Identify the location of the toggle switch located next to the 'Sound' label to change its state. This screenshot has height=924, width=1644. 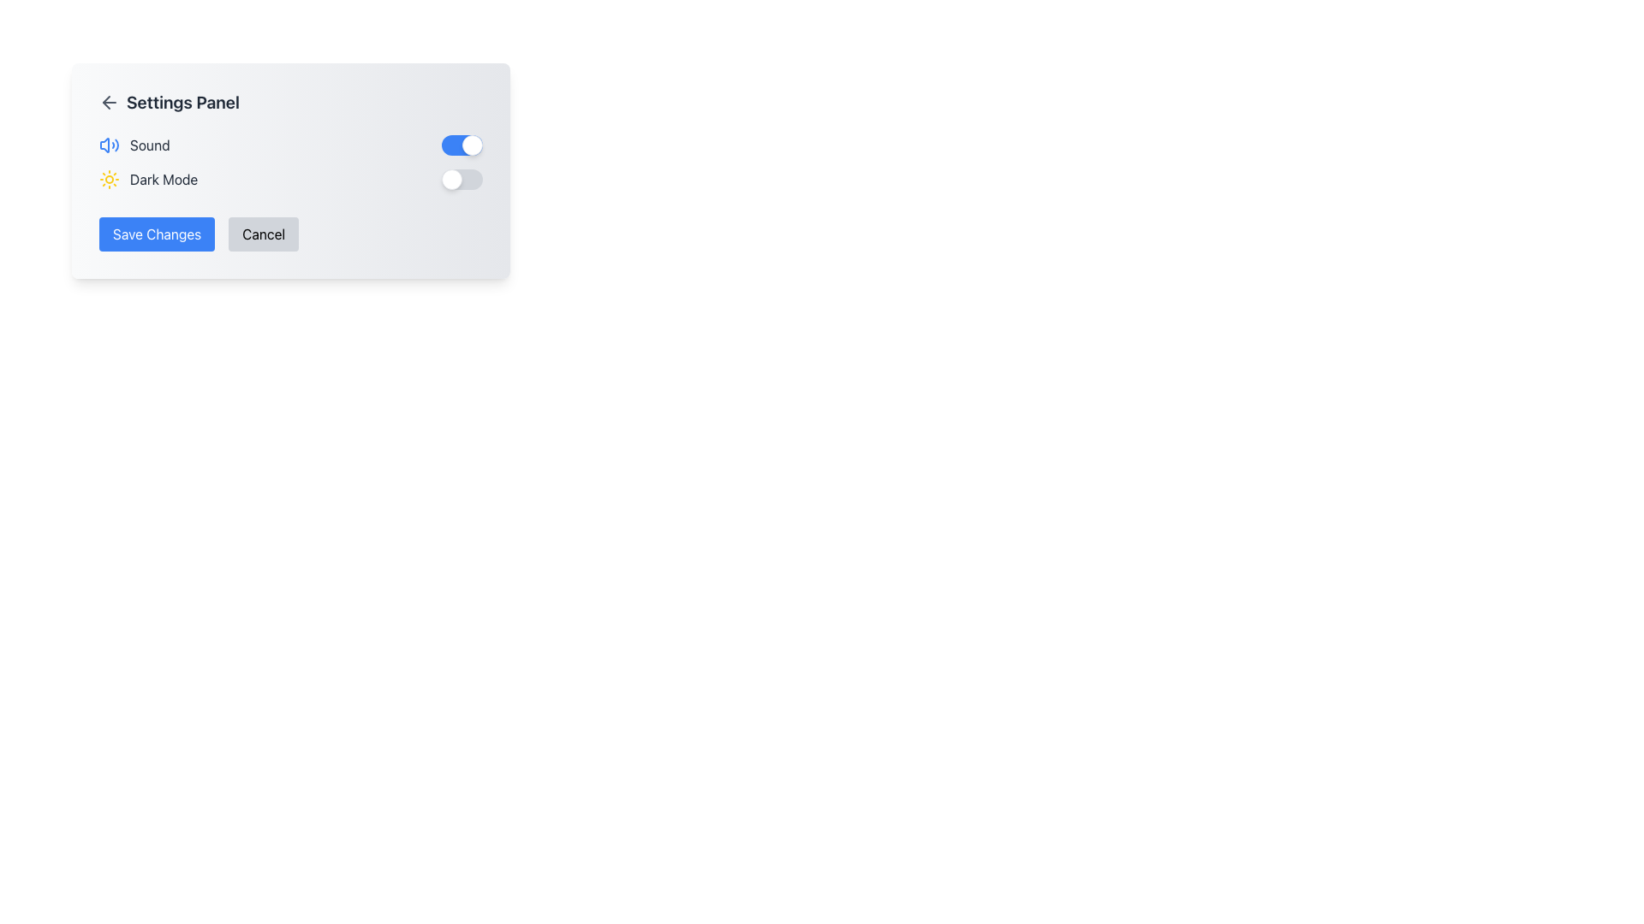
(462, 144).